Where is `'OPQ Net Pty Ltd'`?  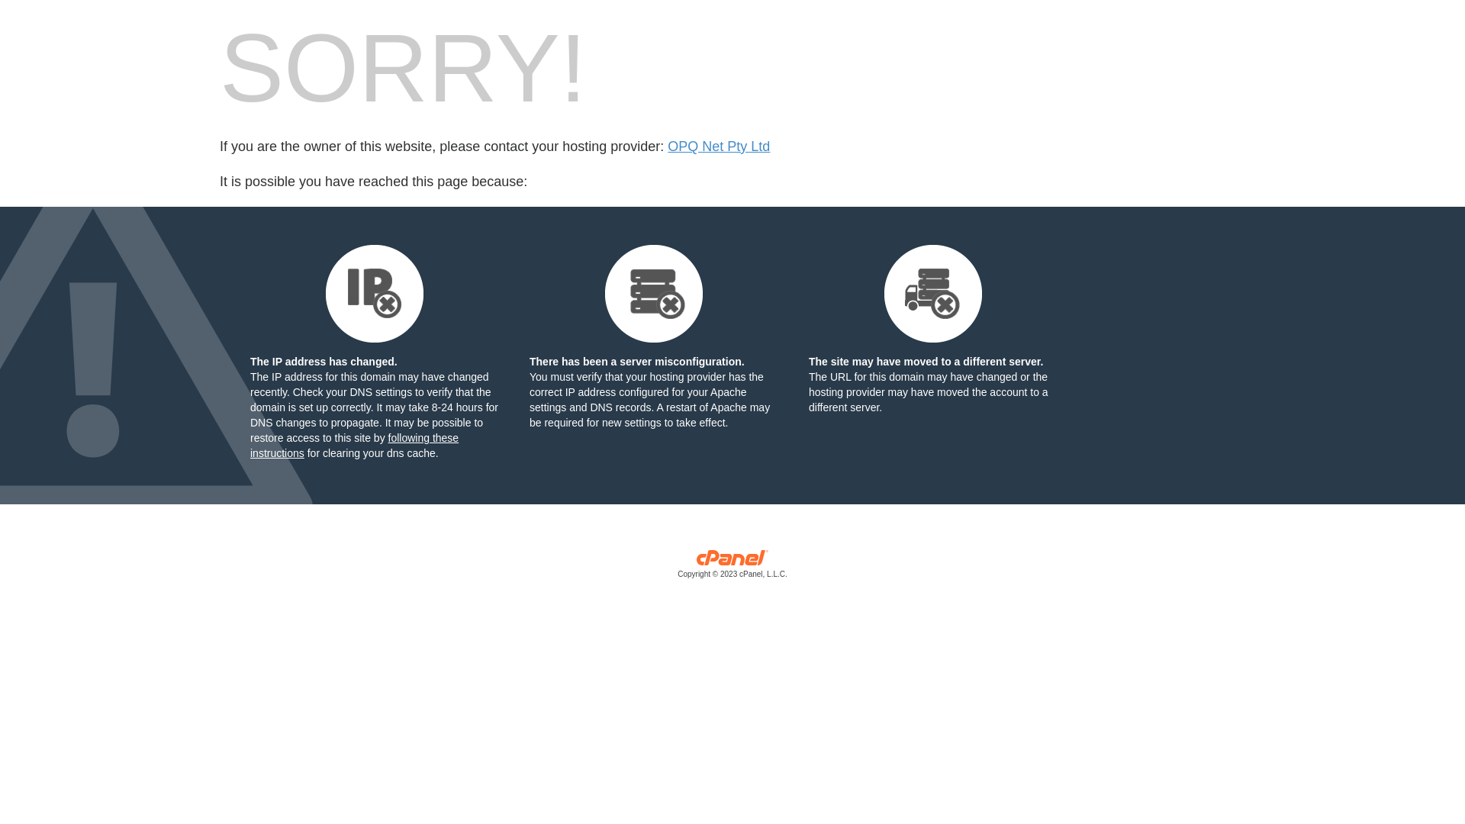
'OPQ Net Pty Ltd' is located at coordinates (667, 146).